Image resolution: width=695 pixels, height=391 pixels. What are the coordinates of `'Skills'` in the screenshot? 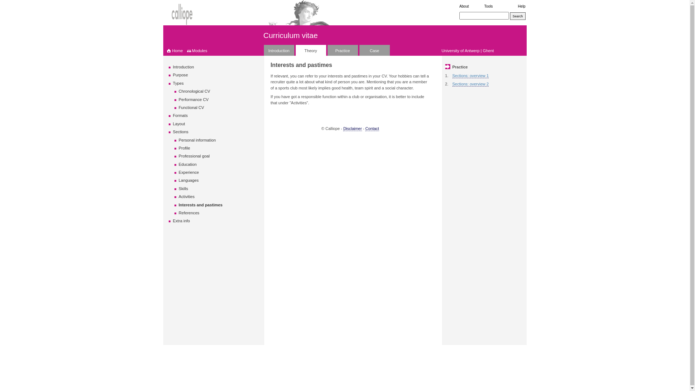 It's located at (184, 188).